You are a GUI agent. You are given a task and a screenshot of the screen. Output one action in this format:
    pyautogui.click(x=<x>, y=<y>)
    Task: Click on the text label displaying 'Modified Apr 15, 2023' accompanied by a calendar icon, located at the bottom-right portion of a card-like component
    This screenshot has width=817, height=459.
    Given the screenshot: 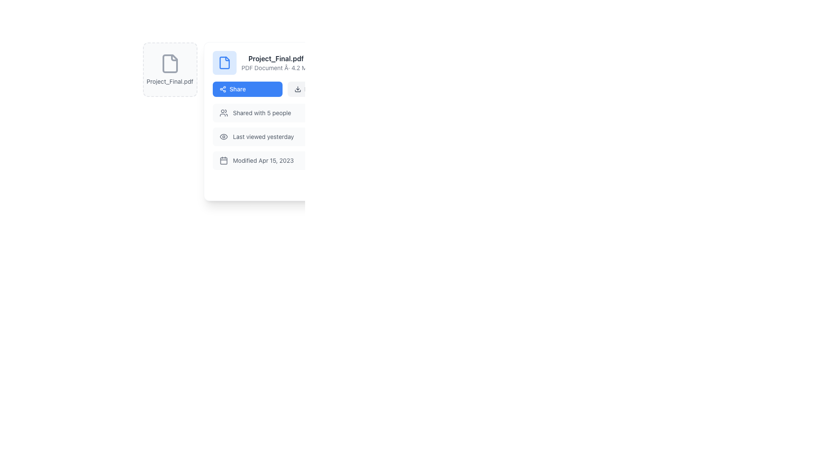 What is the action you would take?
    pyautogui.click(x=256, y=161)
    